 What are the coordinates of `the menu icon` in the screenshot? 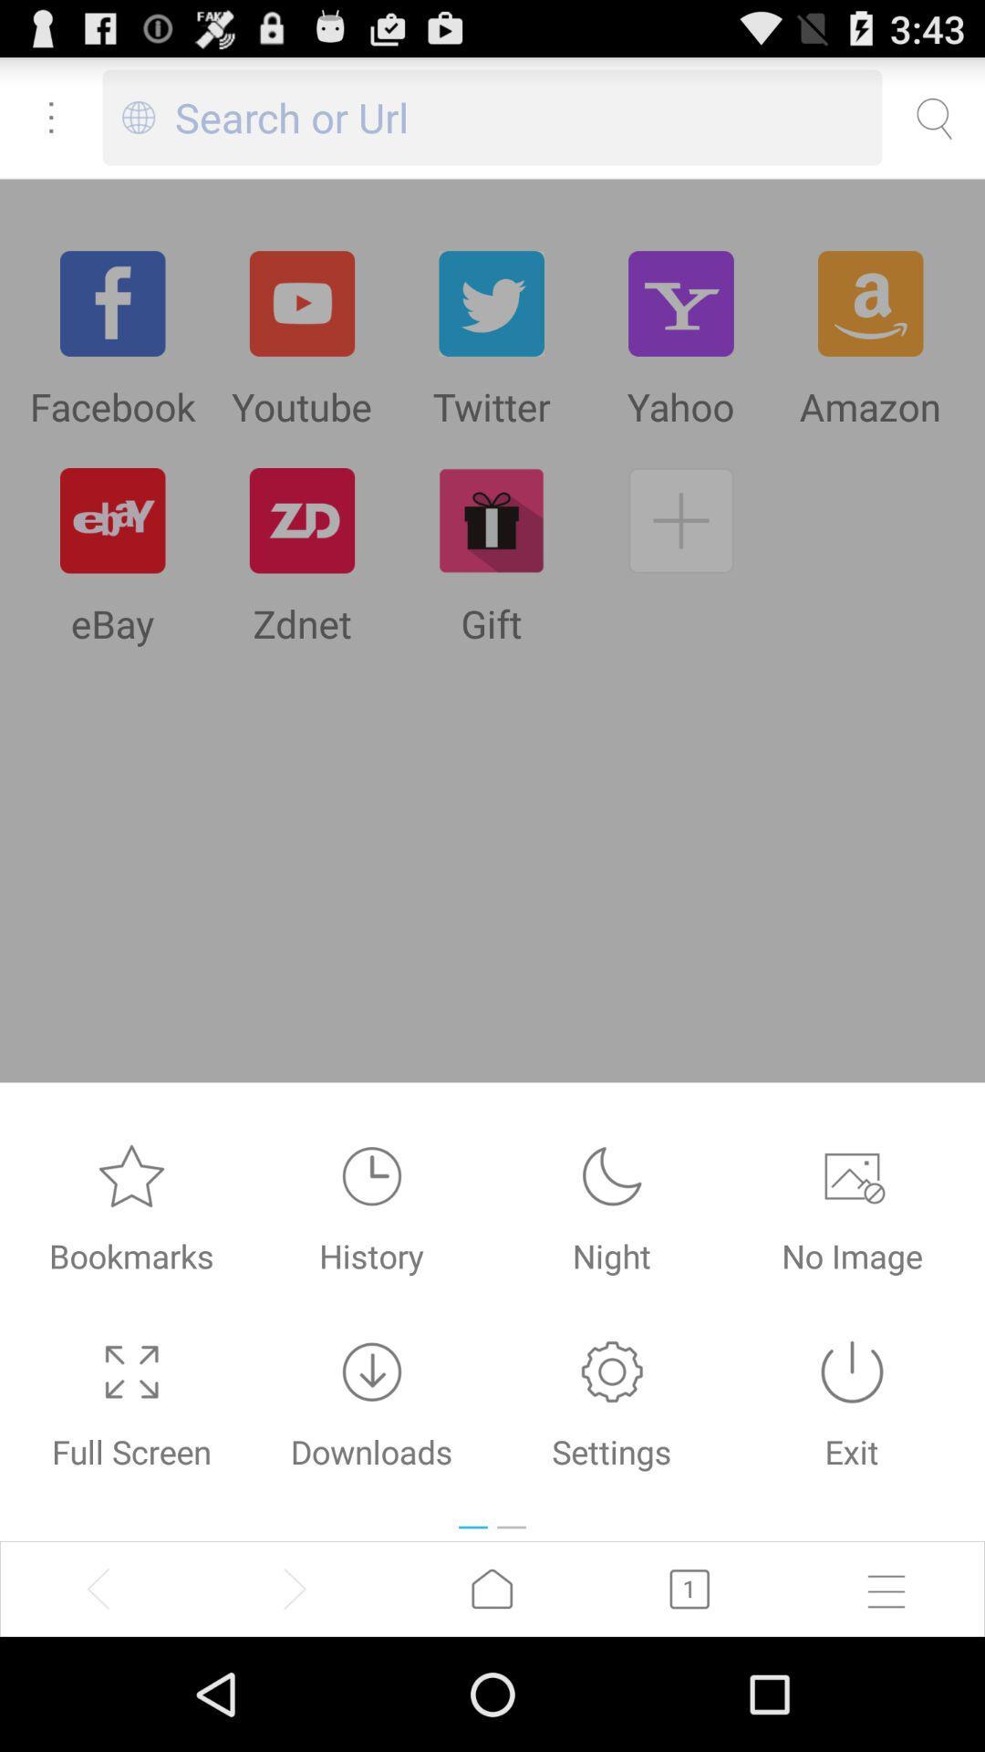 It's located at (886, 1699).